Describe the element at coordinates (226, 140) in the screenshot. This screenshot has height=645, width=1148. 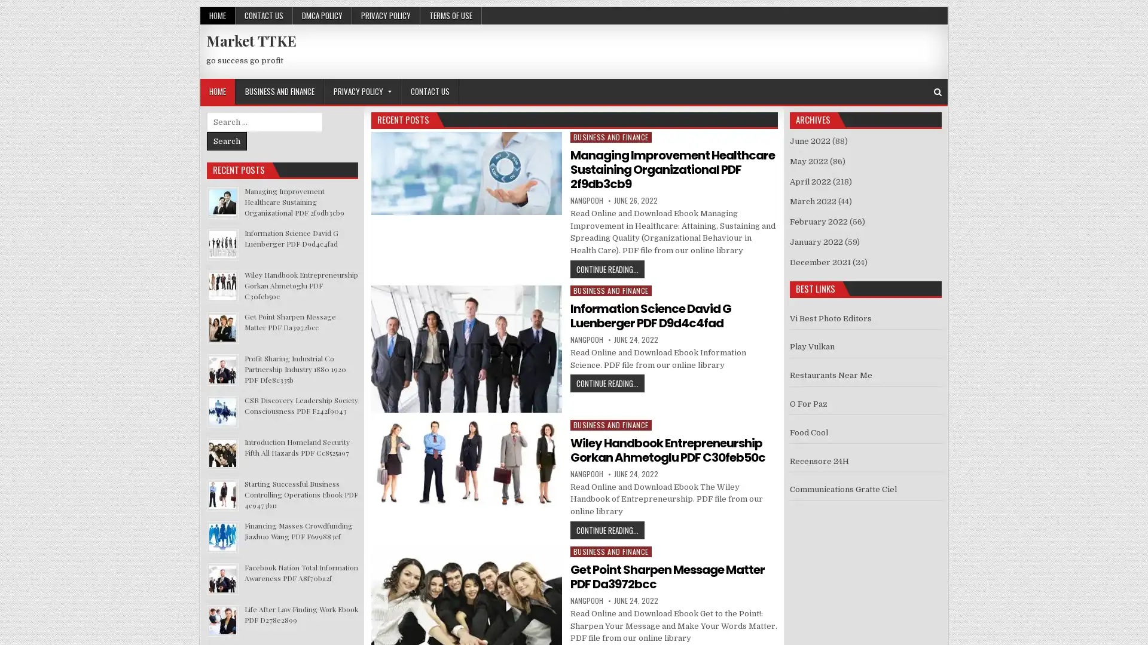
I see `Search` at that location.